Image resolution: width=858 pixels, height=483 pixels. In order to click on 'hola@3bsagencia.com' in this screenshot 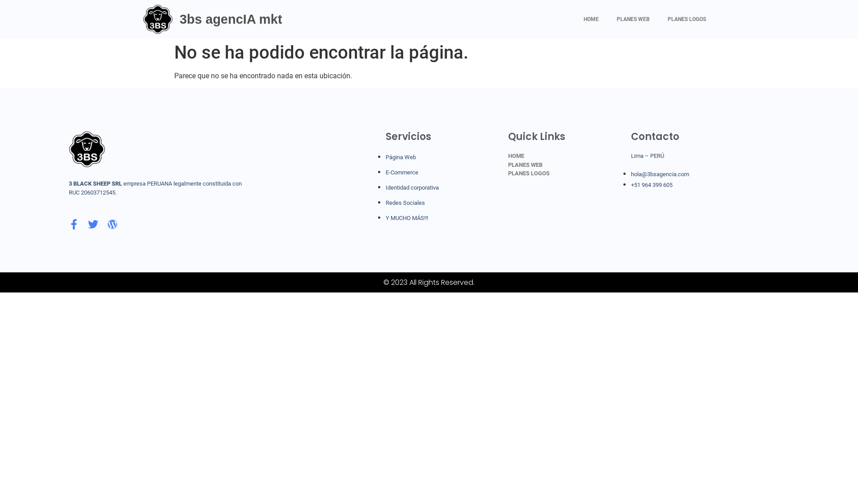, I will do `click(630, 174)`.